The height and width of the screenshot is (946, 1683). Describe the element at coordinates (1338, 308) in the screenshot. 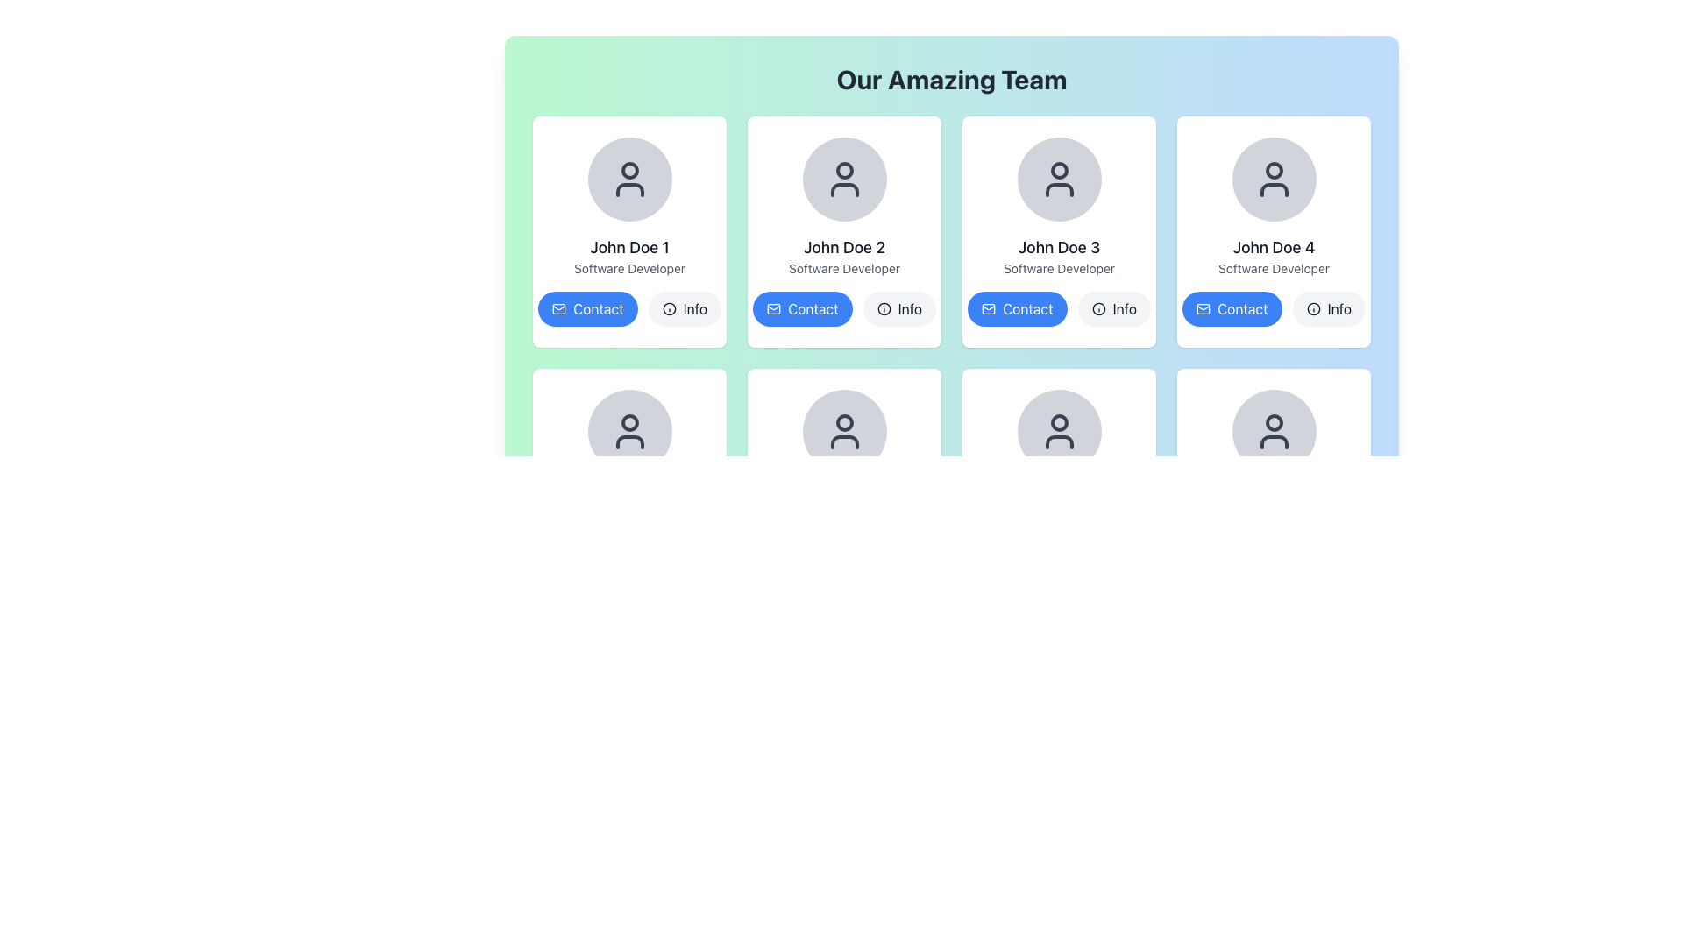

I see `the 'Info' text label of the button component located at the bottom-right corner of the card for 'John Doe 4'` at that location.